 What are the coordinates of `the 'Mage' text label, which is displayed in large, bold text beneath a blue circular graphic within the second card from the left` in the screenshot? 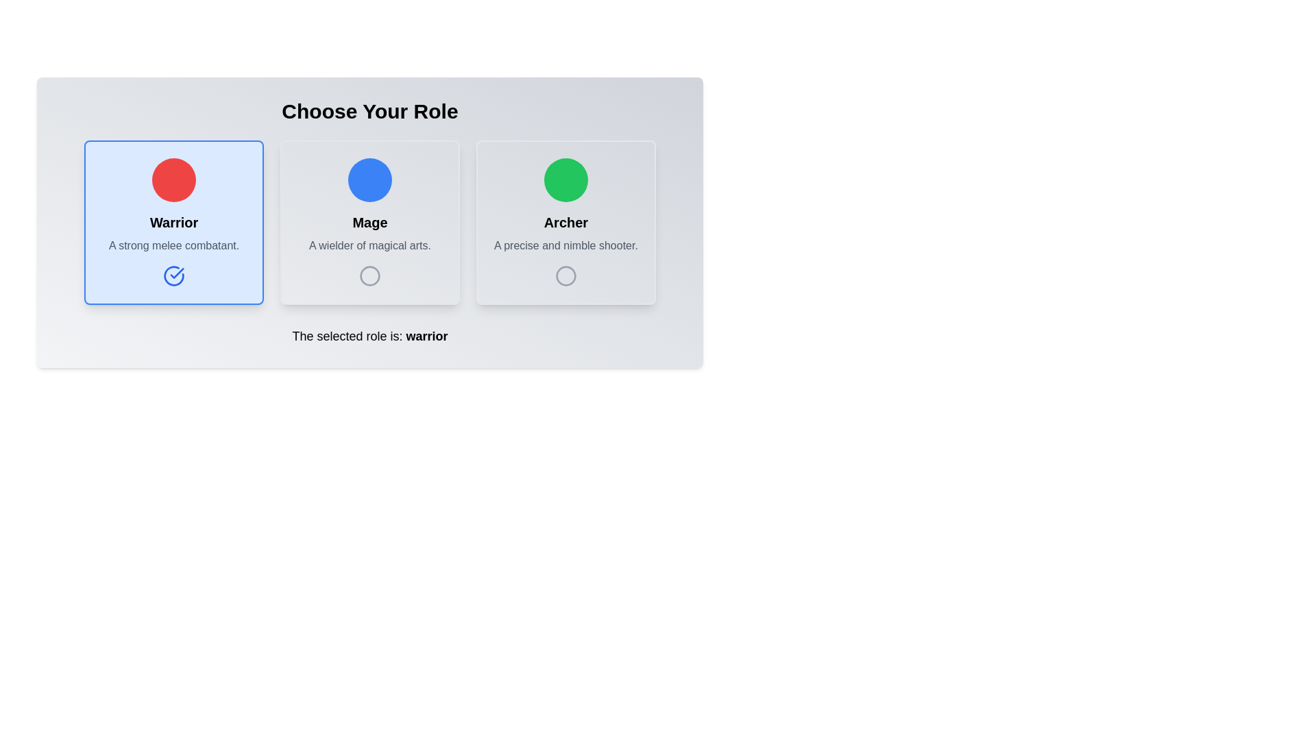 It's located at (369, 221).